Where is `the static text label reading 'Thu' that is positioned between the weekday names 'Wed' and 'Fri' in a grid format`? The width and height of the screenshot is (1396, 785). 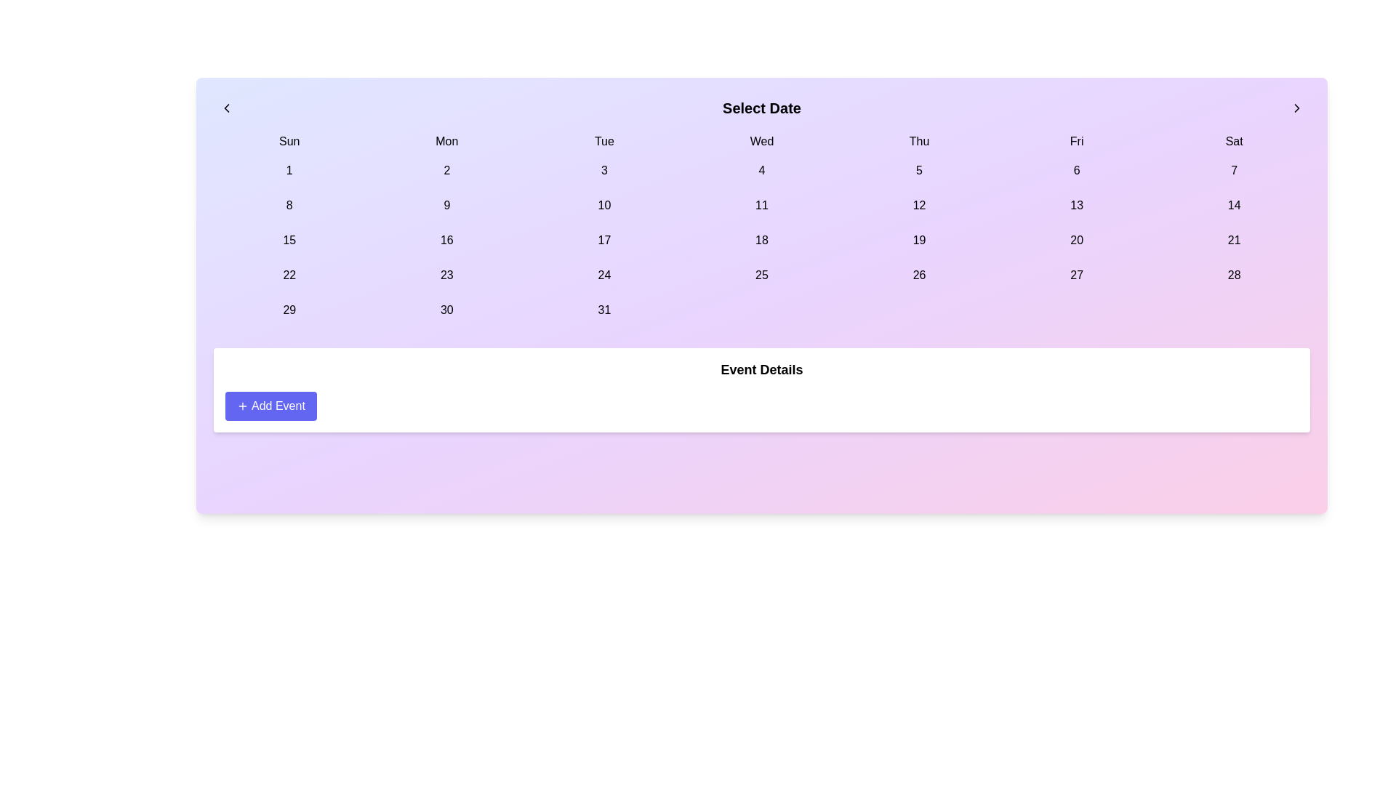
the static text label reading 'Thu' that is positioned between the weekday names 'Wed' and 'Fri' in a grid format is located at coordinates (918, 142).